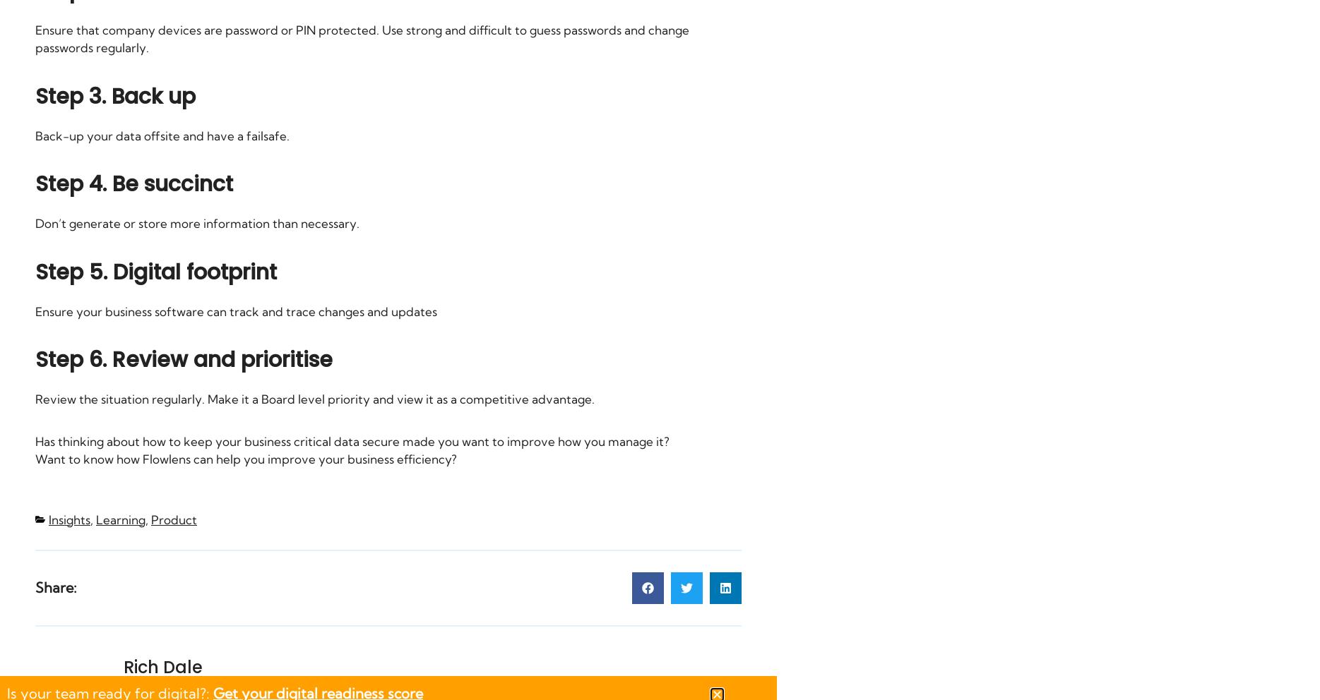 This screenshot has width=1320, height=700. What do you see at coordinates (314, 399) in the screenshot?
I see `'Review the situation regularly. Make it a Board level priority and view it as a competitive advantage.'` at bounding box center [314, 399].